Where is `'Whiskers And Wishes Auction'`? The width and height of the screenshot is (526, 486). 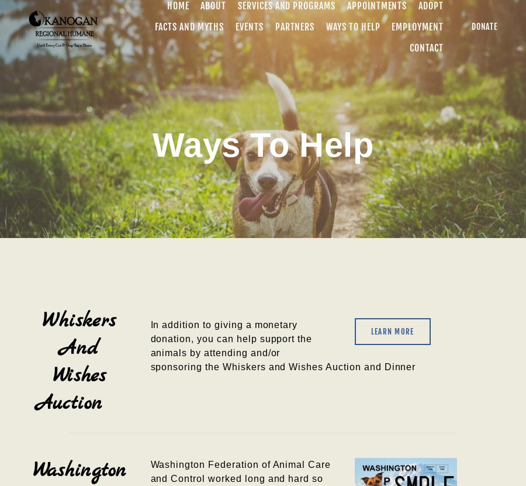
'Whiskers And Wishes Auction' is located at coordinates (35, 361).